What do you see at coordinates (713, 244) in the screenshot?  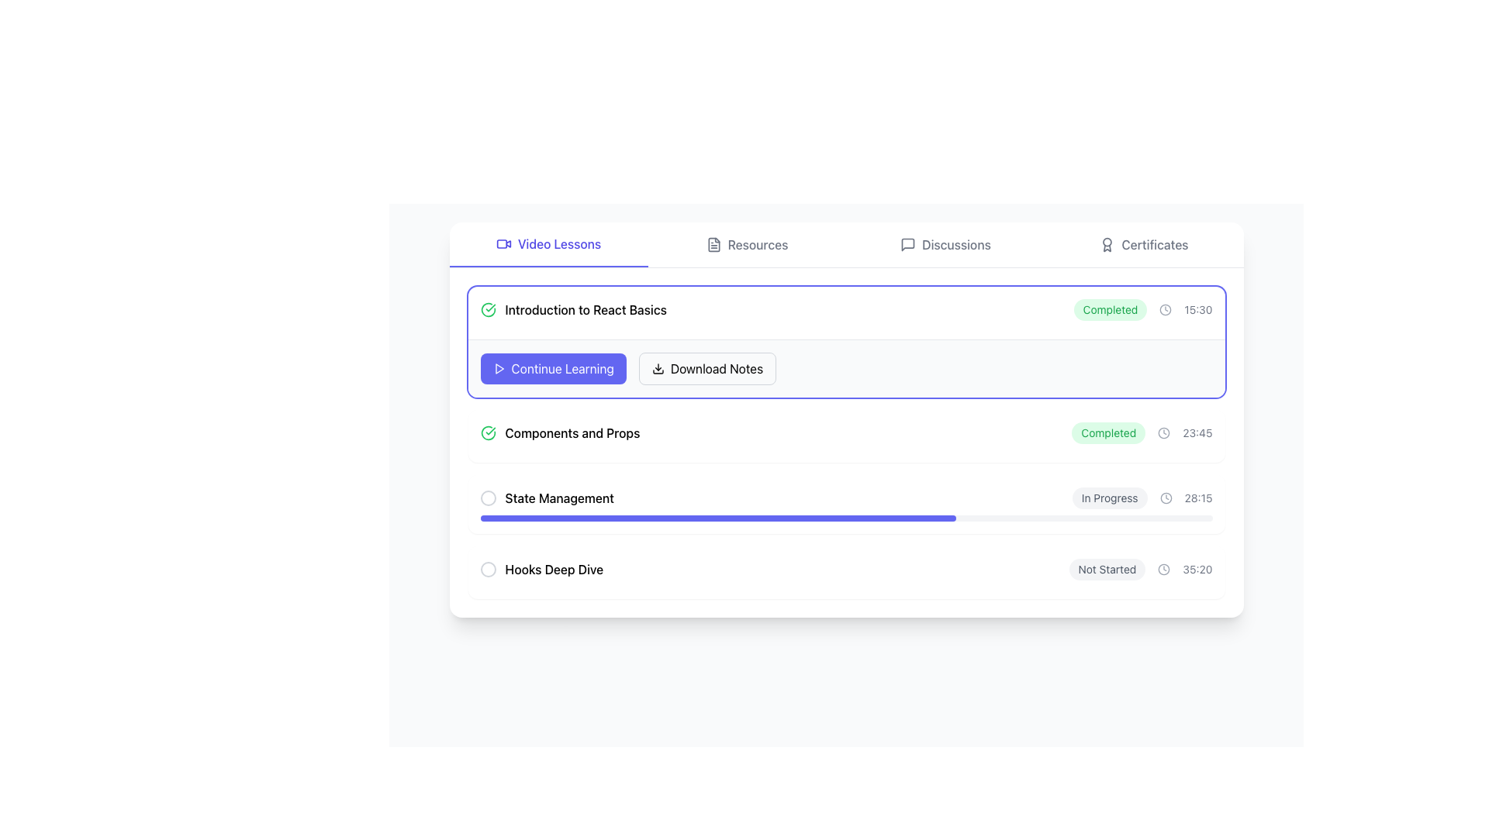 I see `the rectangular icon with a paper document design located between the 'Video Lessons' and 'Discussions' tabs in the header section` at bounding box center [713, 244].